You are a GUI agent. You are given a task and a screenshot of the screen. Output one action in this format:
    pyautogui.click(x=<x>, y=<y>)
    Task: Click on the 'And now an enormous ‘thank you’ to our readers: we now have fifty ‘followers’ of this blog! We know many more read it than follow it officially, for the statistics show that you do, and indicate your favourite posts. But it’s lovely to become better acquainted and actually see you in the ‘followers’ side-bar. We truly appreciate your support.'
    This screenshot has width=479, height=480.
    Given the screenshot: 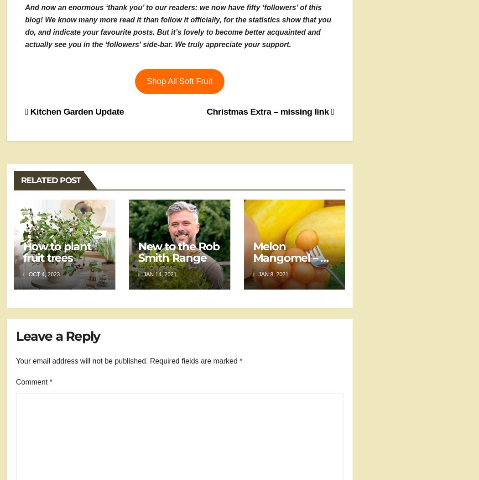 What is the action you would take?
    pyautogui.click(x=177, y=25)
    